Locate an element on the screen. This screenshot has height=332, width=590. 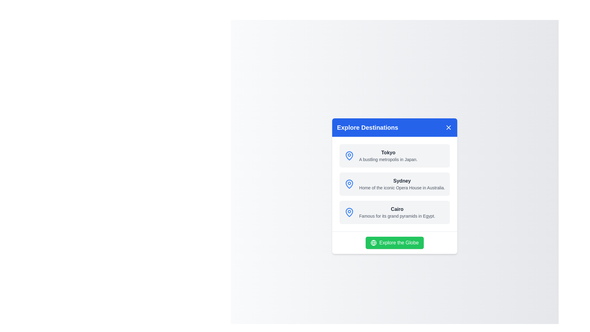
the destination card for Cairo is located at coordinates (395, 212).